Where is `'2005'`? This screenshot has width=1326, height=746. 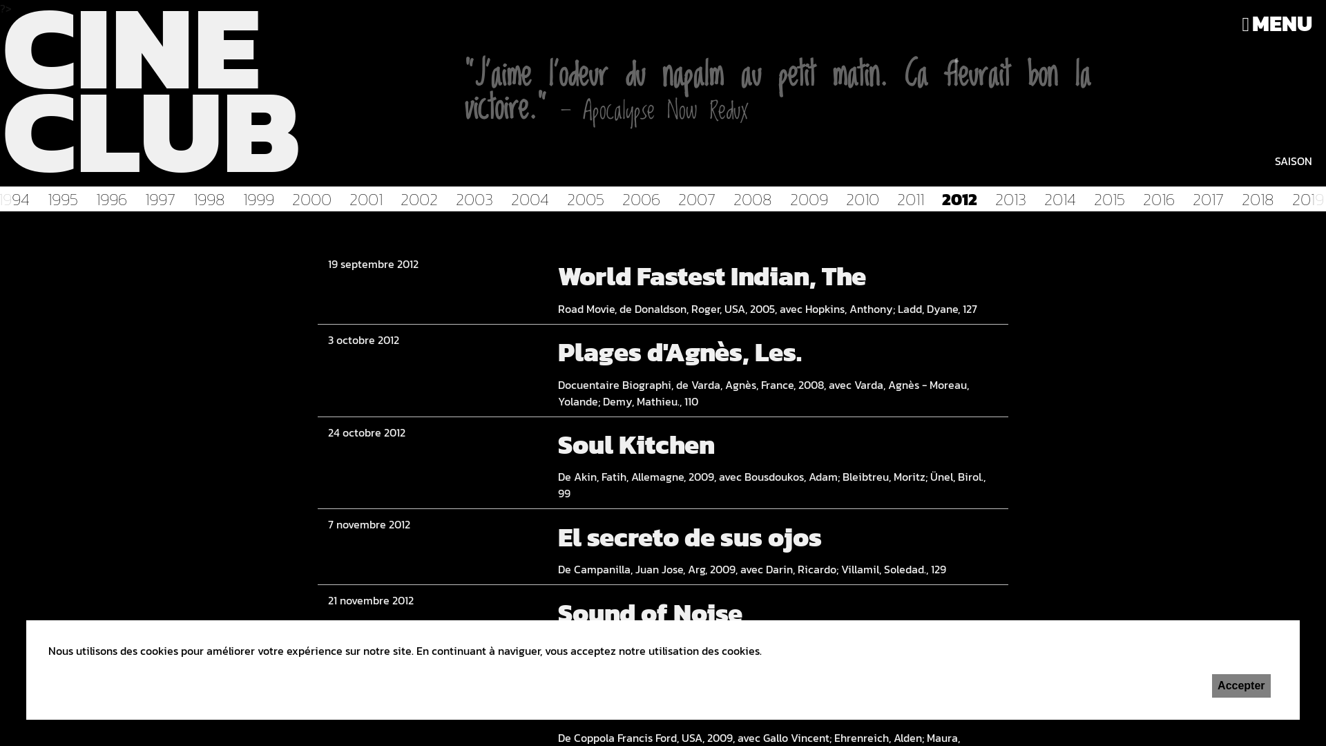 '2005' is located at coordinates (589, 199).